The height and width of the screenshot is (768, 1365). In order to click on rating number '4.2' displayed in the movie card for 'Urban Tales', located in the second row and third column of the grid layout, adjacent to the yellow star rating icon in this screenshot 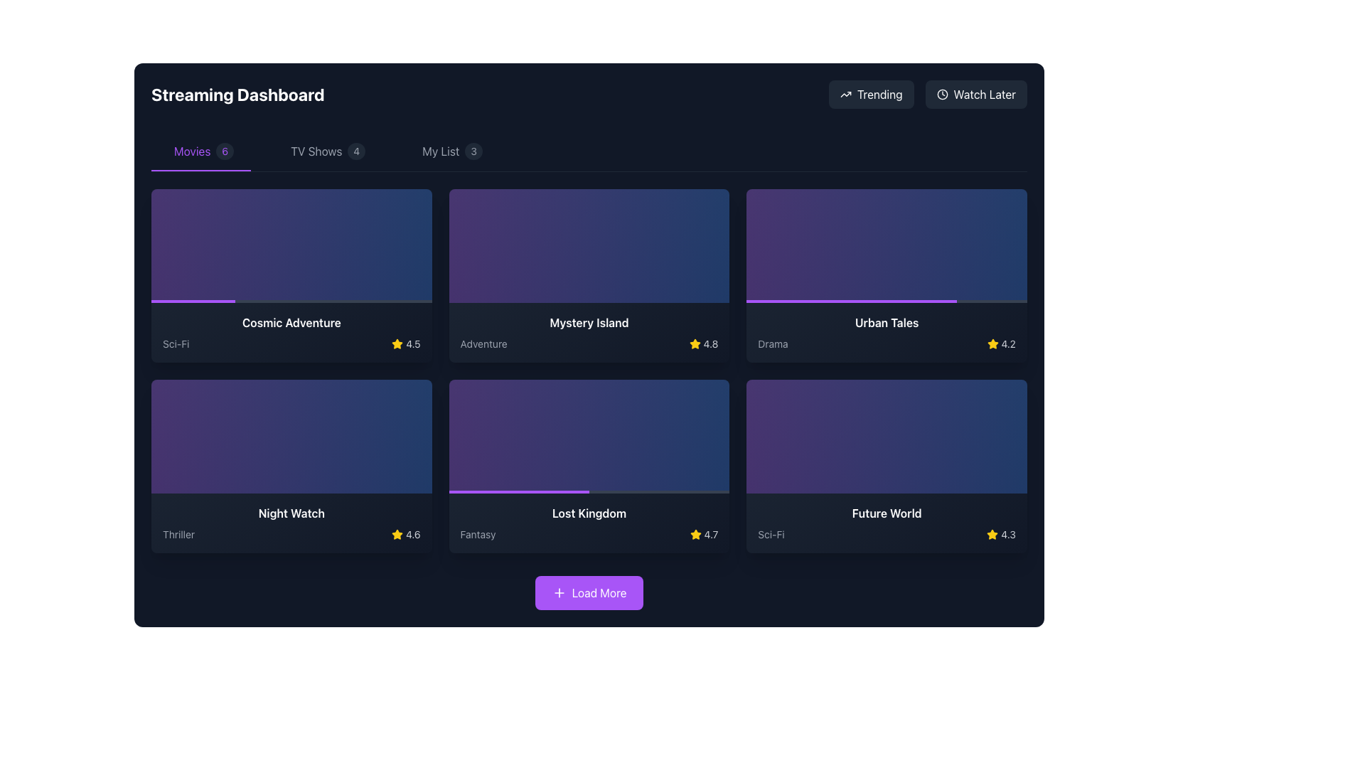, I will do `click(1007, 343)`.